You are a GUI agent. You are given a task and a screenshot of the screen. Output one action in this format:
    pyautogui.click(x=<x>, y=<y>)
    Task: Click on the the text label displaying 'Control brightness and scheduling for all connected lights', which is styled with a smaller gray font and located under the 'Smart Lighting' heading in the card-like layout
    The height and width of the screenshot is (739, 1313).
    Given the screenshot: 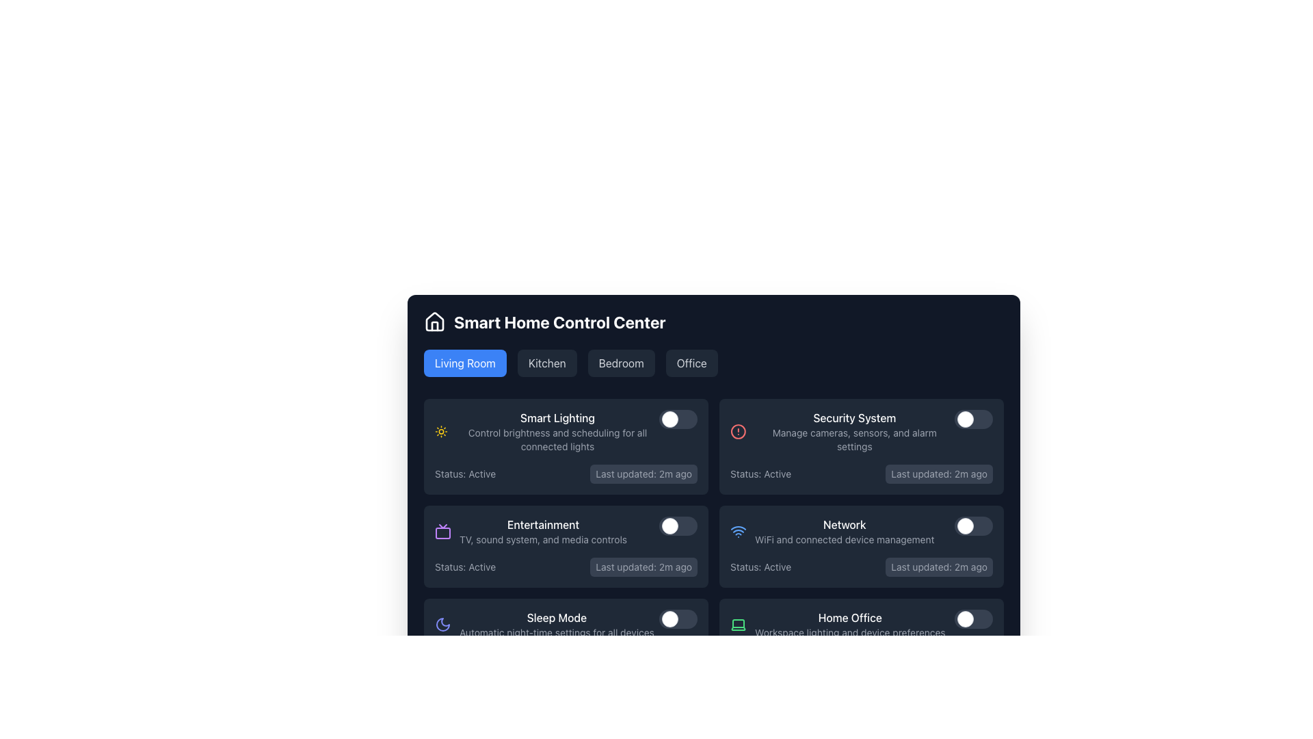 What is the action you would take?
    pyautogui.click(x=557, y=440)
    